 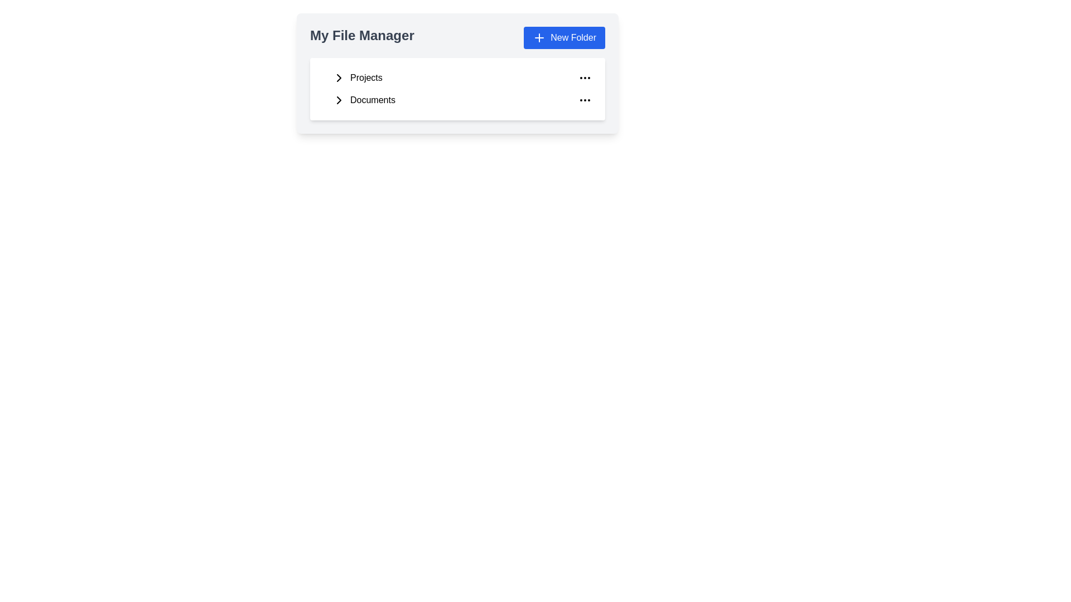 What do you see at coordinates (339, 100) in the screenshot?
I see `the right-pointing chevron icon` at bounding box center [339, 100].